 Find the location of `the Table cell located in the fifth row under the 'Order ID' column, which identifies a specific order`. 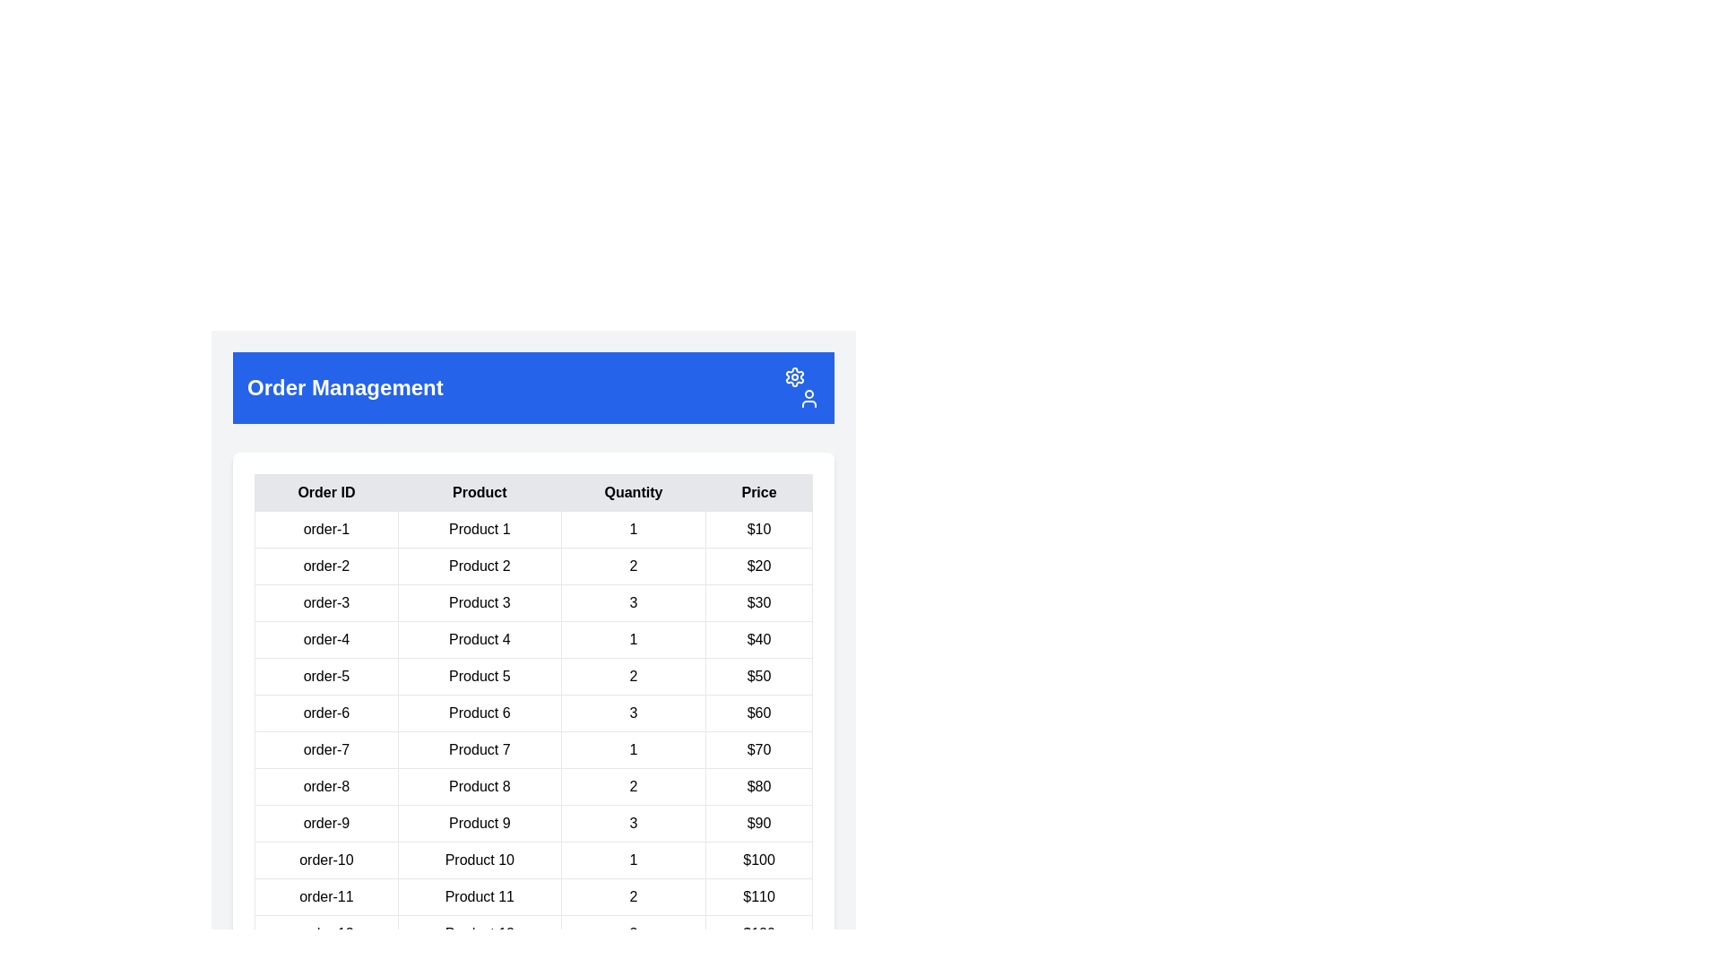

the Table cell located in the fifth row under the 'Order ID' column, which identifies a specific order is located at coordinates (326, 677).